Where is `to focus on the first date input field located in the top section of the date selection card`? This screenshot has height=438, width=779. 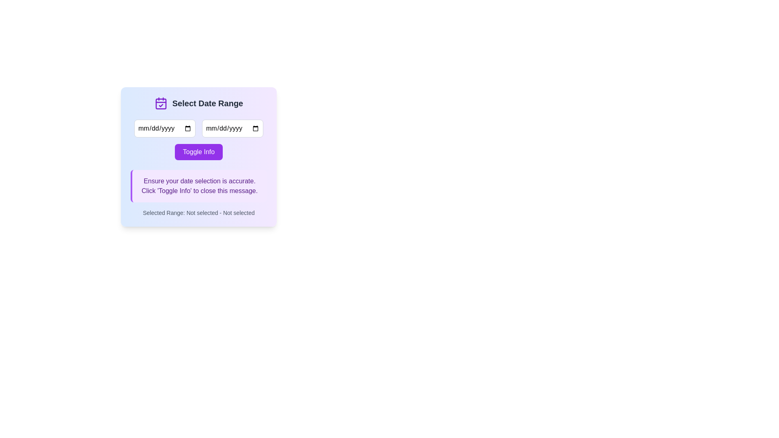 to focus on the first date input field located in the top section of the date selection card is located at coordinates (164, 128).